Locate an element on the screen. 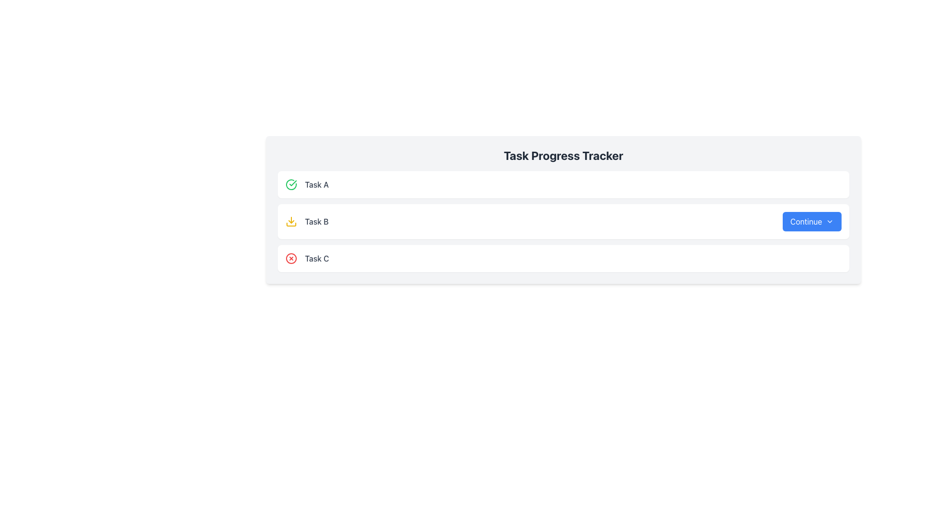  the non-interactive text element representing the name of the third task in the 'Task Progress Tracker', located to the right of a red-circled cross icon is located at coordinates (317, 258).